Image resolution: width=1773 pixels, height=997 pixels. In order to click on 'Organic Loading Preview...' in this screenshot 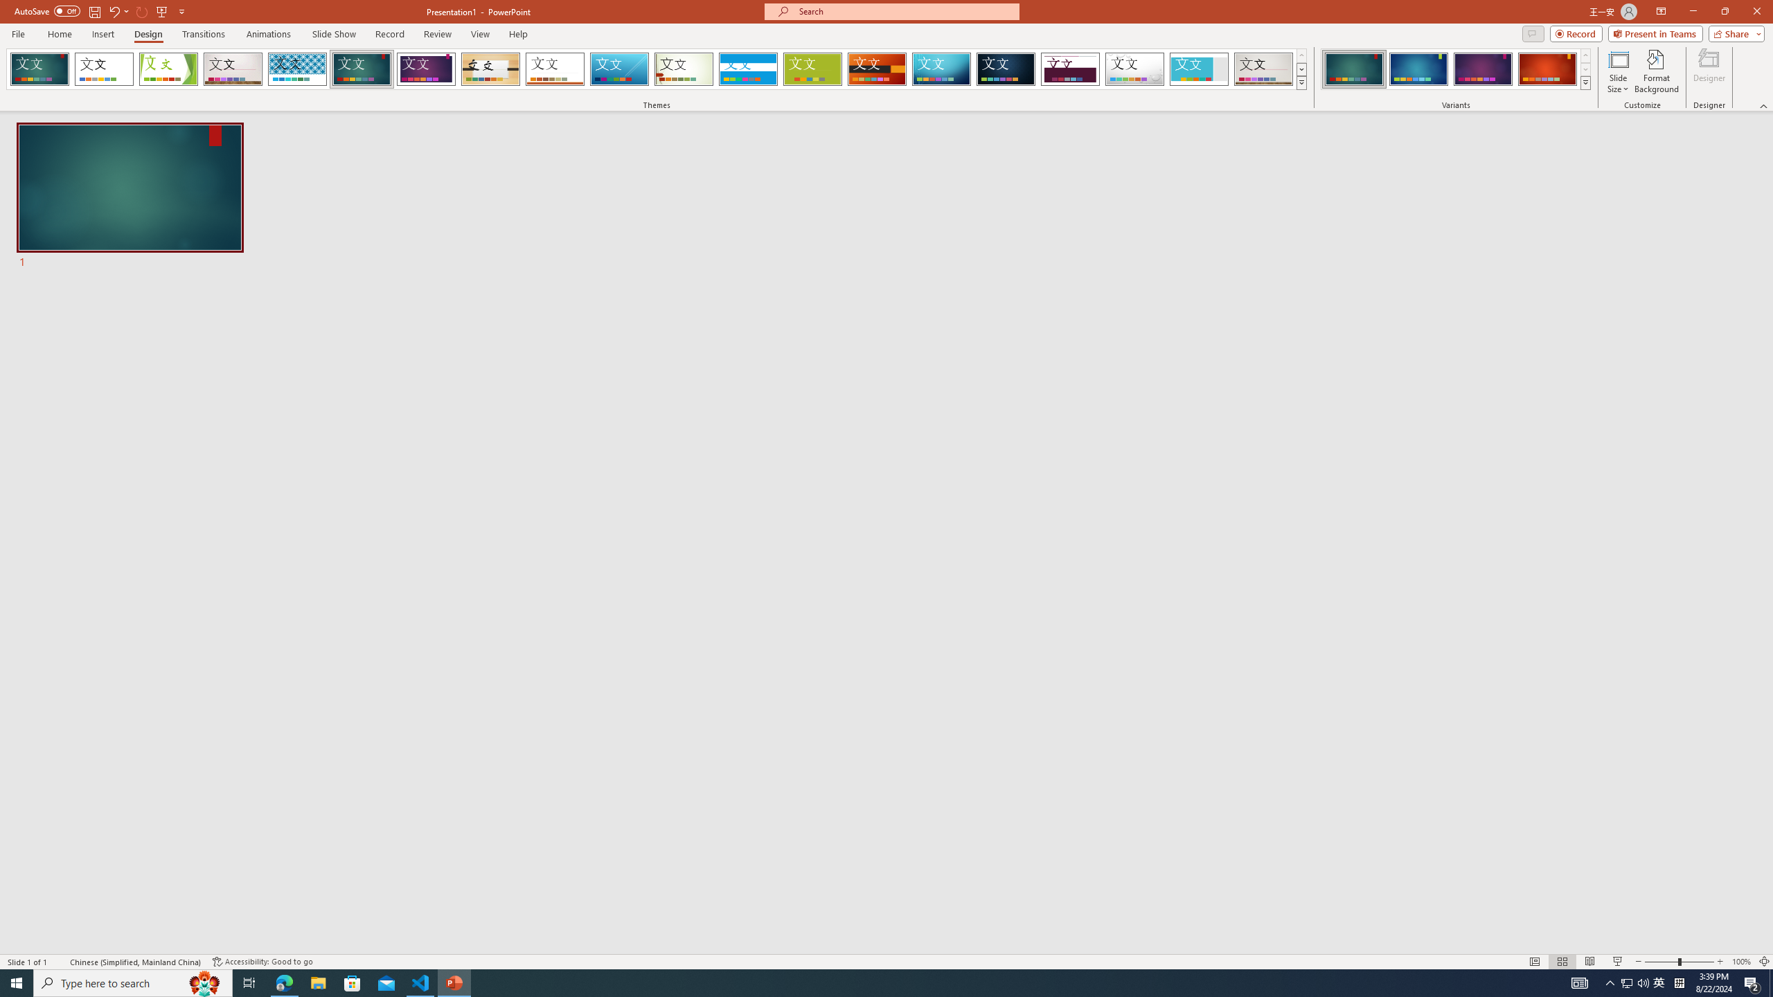, I will do `click(491, 69)`.